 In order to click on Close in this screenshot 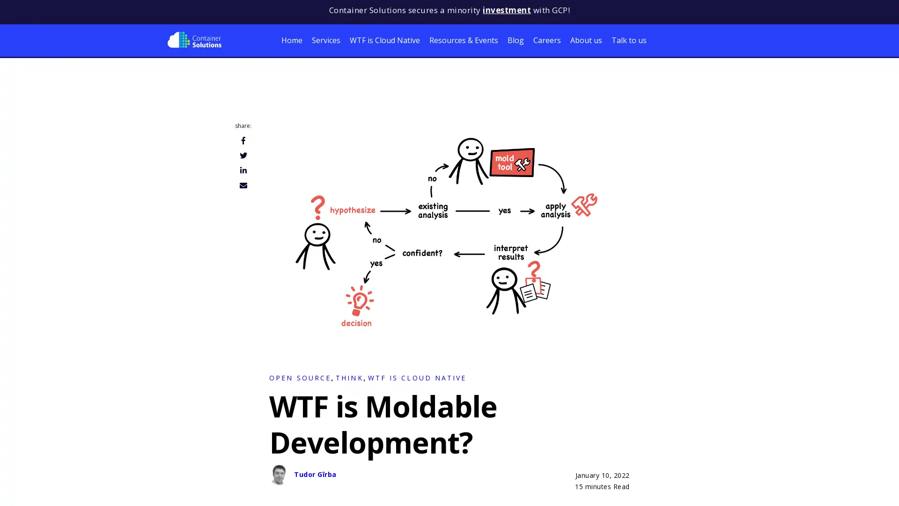, I will do `click(187, 436)`.